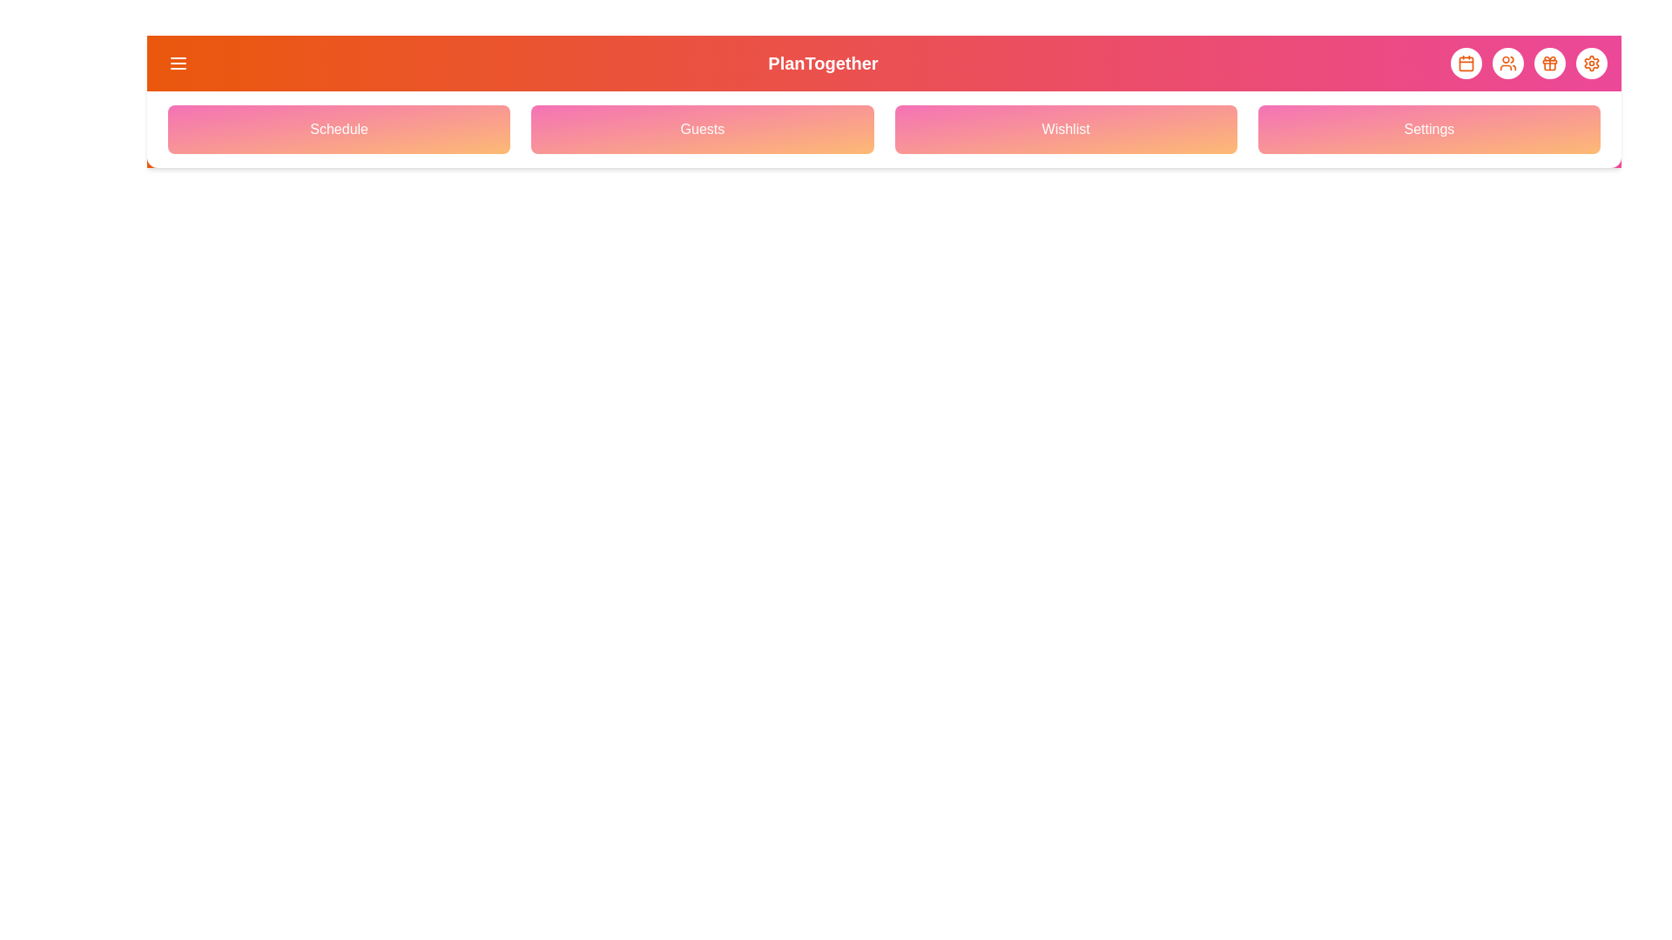 This screenshot has width=1672, height=940. Describe the element at coordinates (1592, 63) in the screenshot. I see `the header button corresponding to Settings` at that location.